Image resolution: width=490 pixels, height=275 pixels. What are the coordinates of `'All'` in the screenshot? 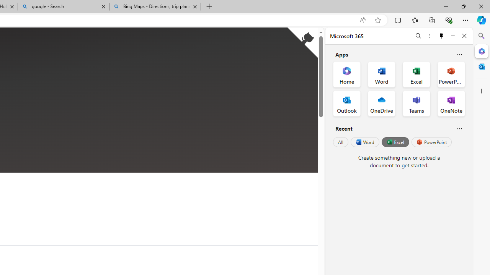 It's located at (340, 142).